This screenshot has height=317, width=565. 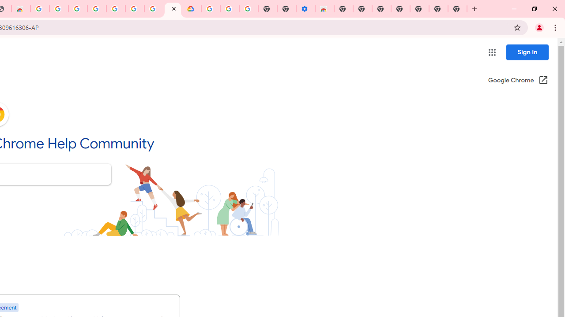 What do you see at coordinates (324, 9) in the screenshot?
I see `'Chrome Web Store - Accessibility extensions'` at bounding box center [324, 9].